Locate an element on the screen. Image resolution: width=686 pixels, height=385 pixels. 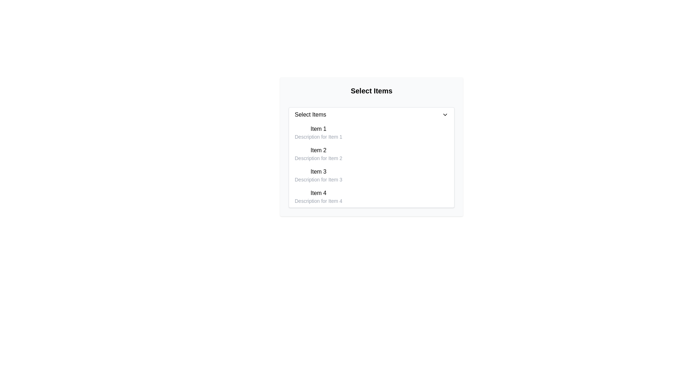
the text label displaying 'Description for Item 4' in gray, small-sized font, located under the title 'Item 4' in the dropdown menu is located at coordinates (318, 201).